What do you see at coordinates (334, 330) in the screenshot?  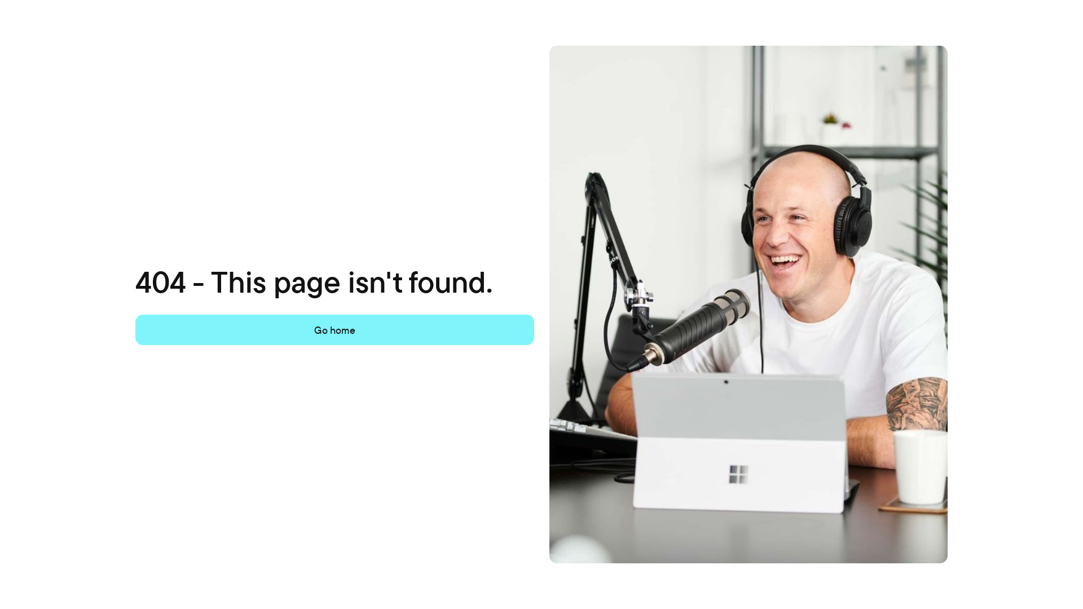 I see `'Go home'` at bounding box center [334, 330].